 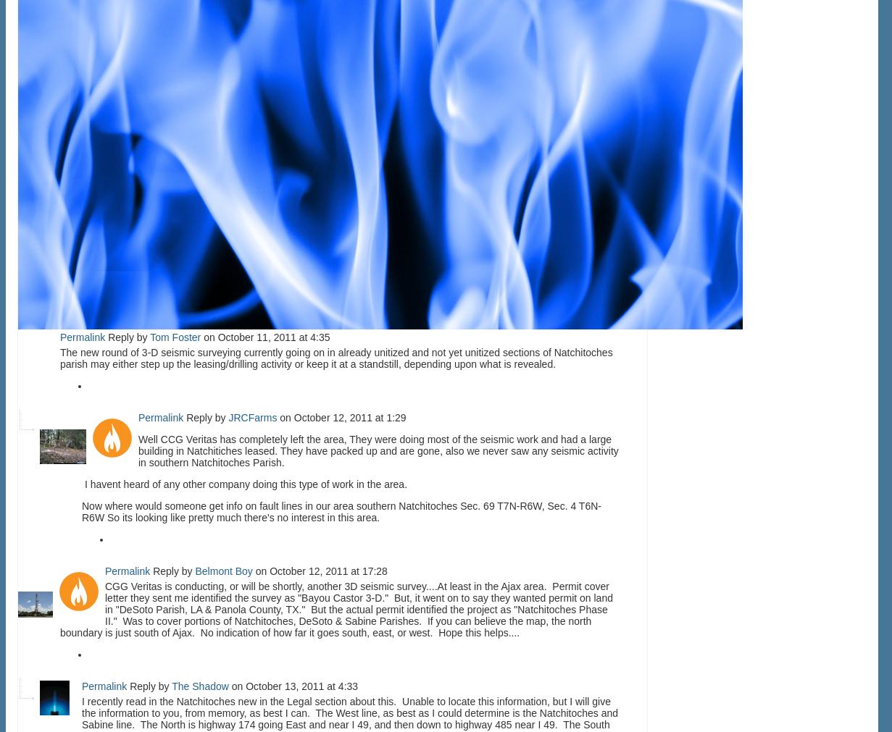 What do you see at coordinates (270, 570) in the screenshot?
I see `'October 12, 2011 at 17:28'` at bounding box center [270, 570].